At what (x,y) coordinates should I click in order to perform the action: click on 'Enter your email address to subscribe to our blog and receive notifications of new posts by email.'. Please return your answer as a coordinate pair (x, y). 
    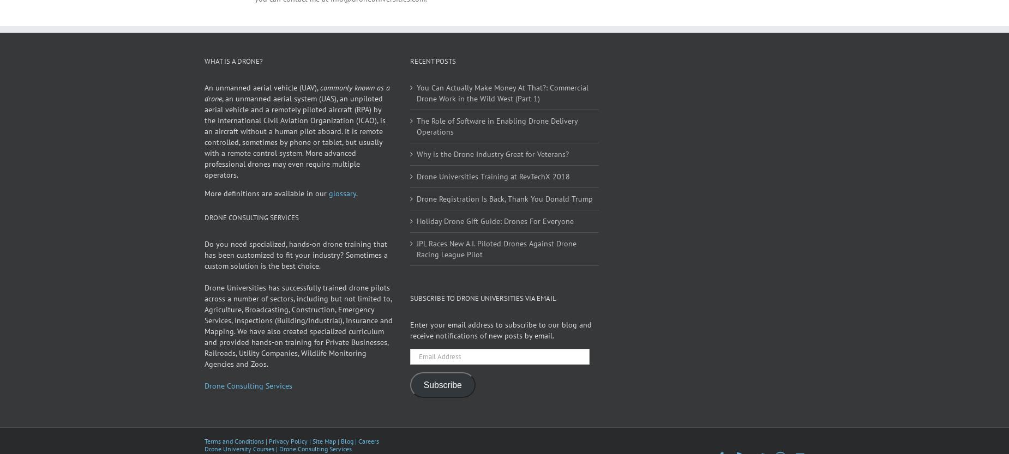
    Looking at the image, I should click on (409, 344).